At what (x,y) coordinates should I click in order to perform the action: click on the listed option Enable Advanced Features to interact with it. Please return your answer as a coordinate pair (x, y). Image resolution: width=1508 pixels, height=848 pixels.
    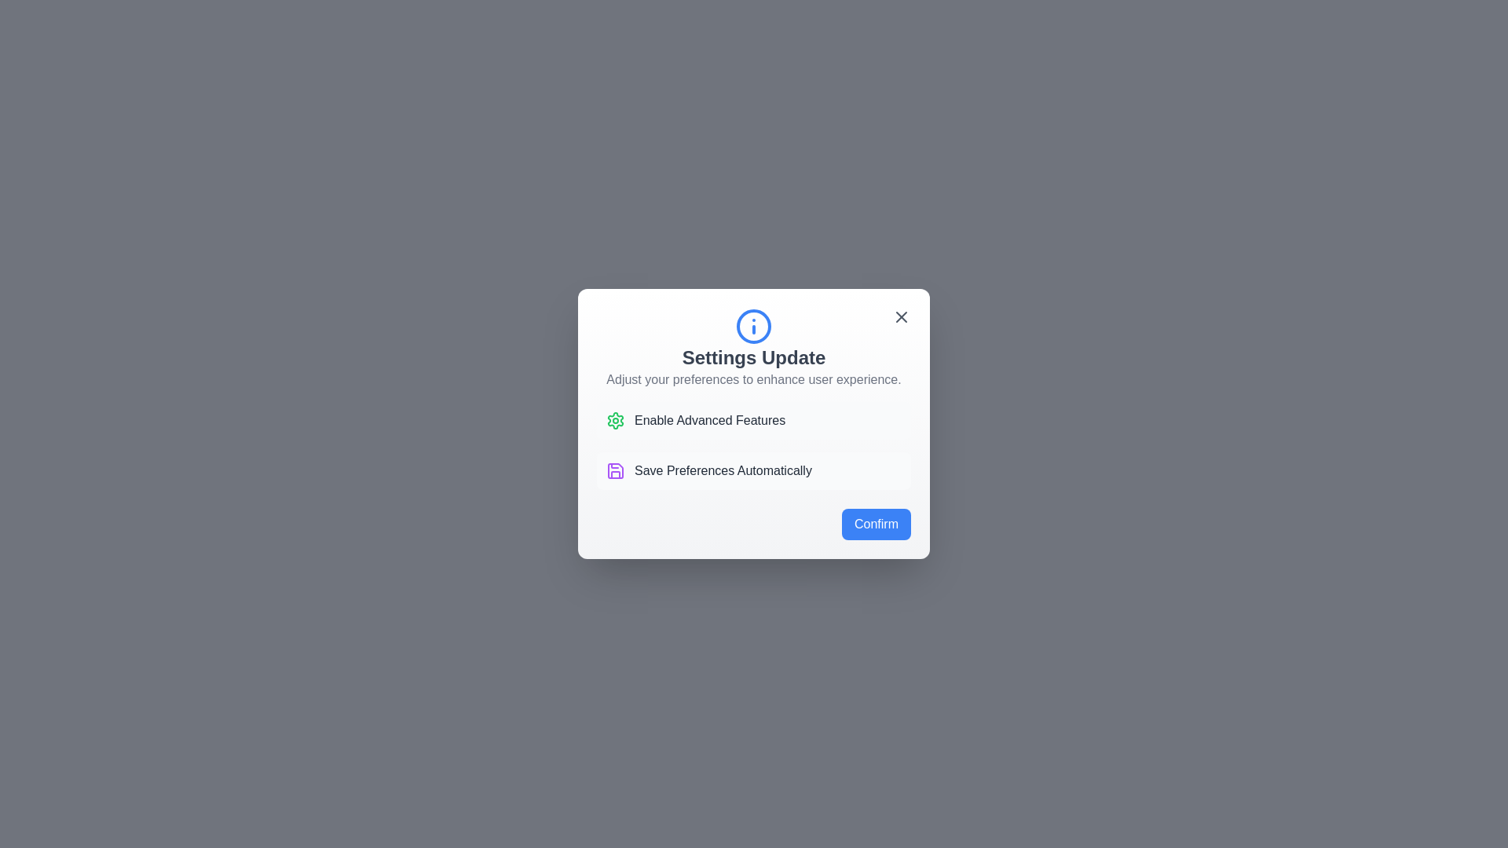
    Looking at the image, I should click on (754, 420).